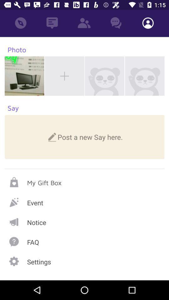  What do you see at coordinates (84, 241) in the screenshot?
I see `faq` at bounding box center [84, 241].